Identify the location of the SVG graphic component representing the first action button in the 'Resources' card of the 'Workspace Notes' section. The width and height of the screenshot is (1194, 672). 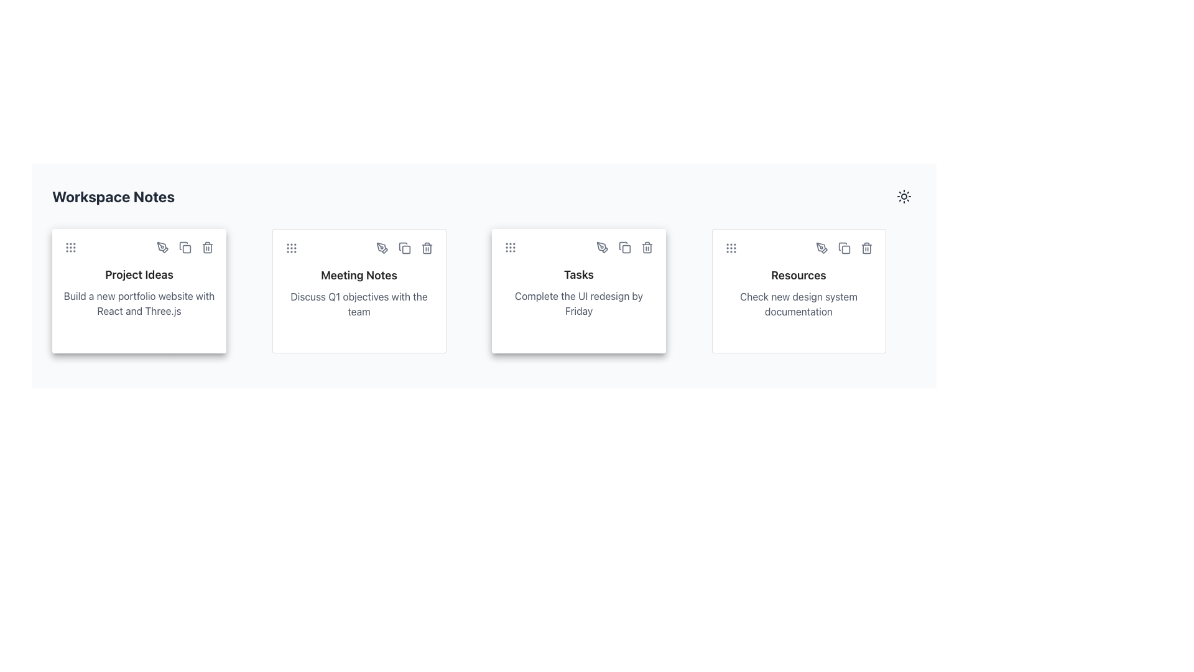
(845, 250).